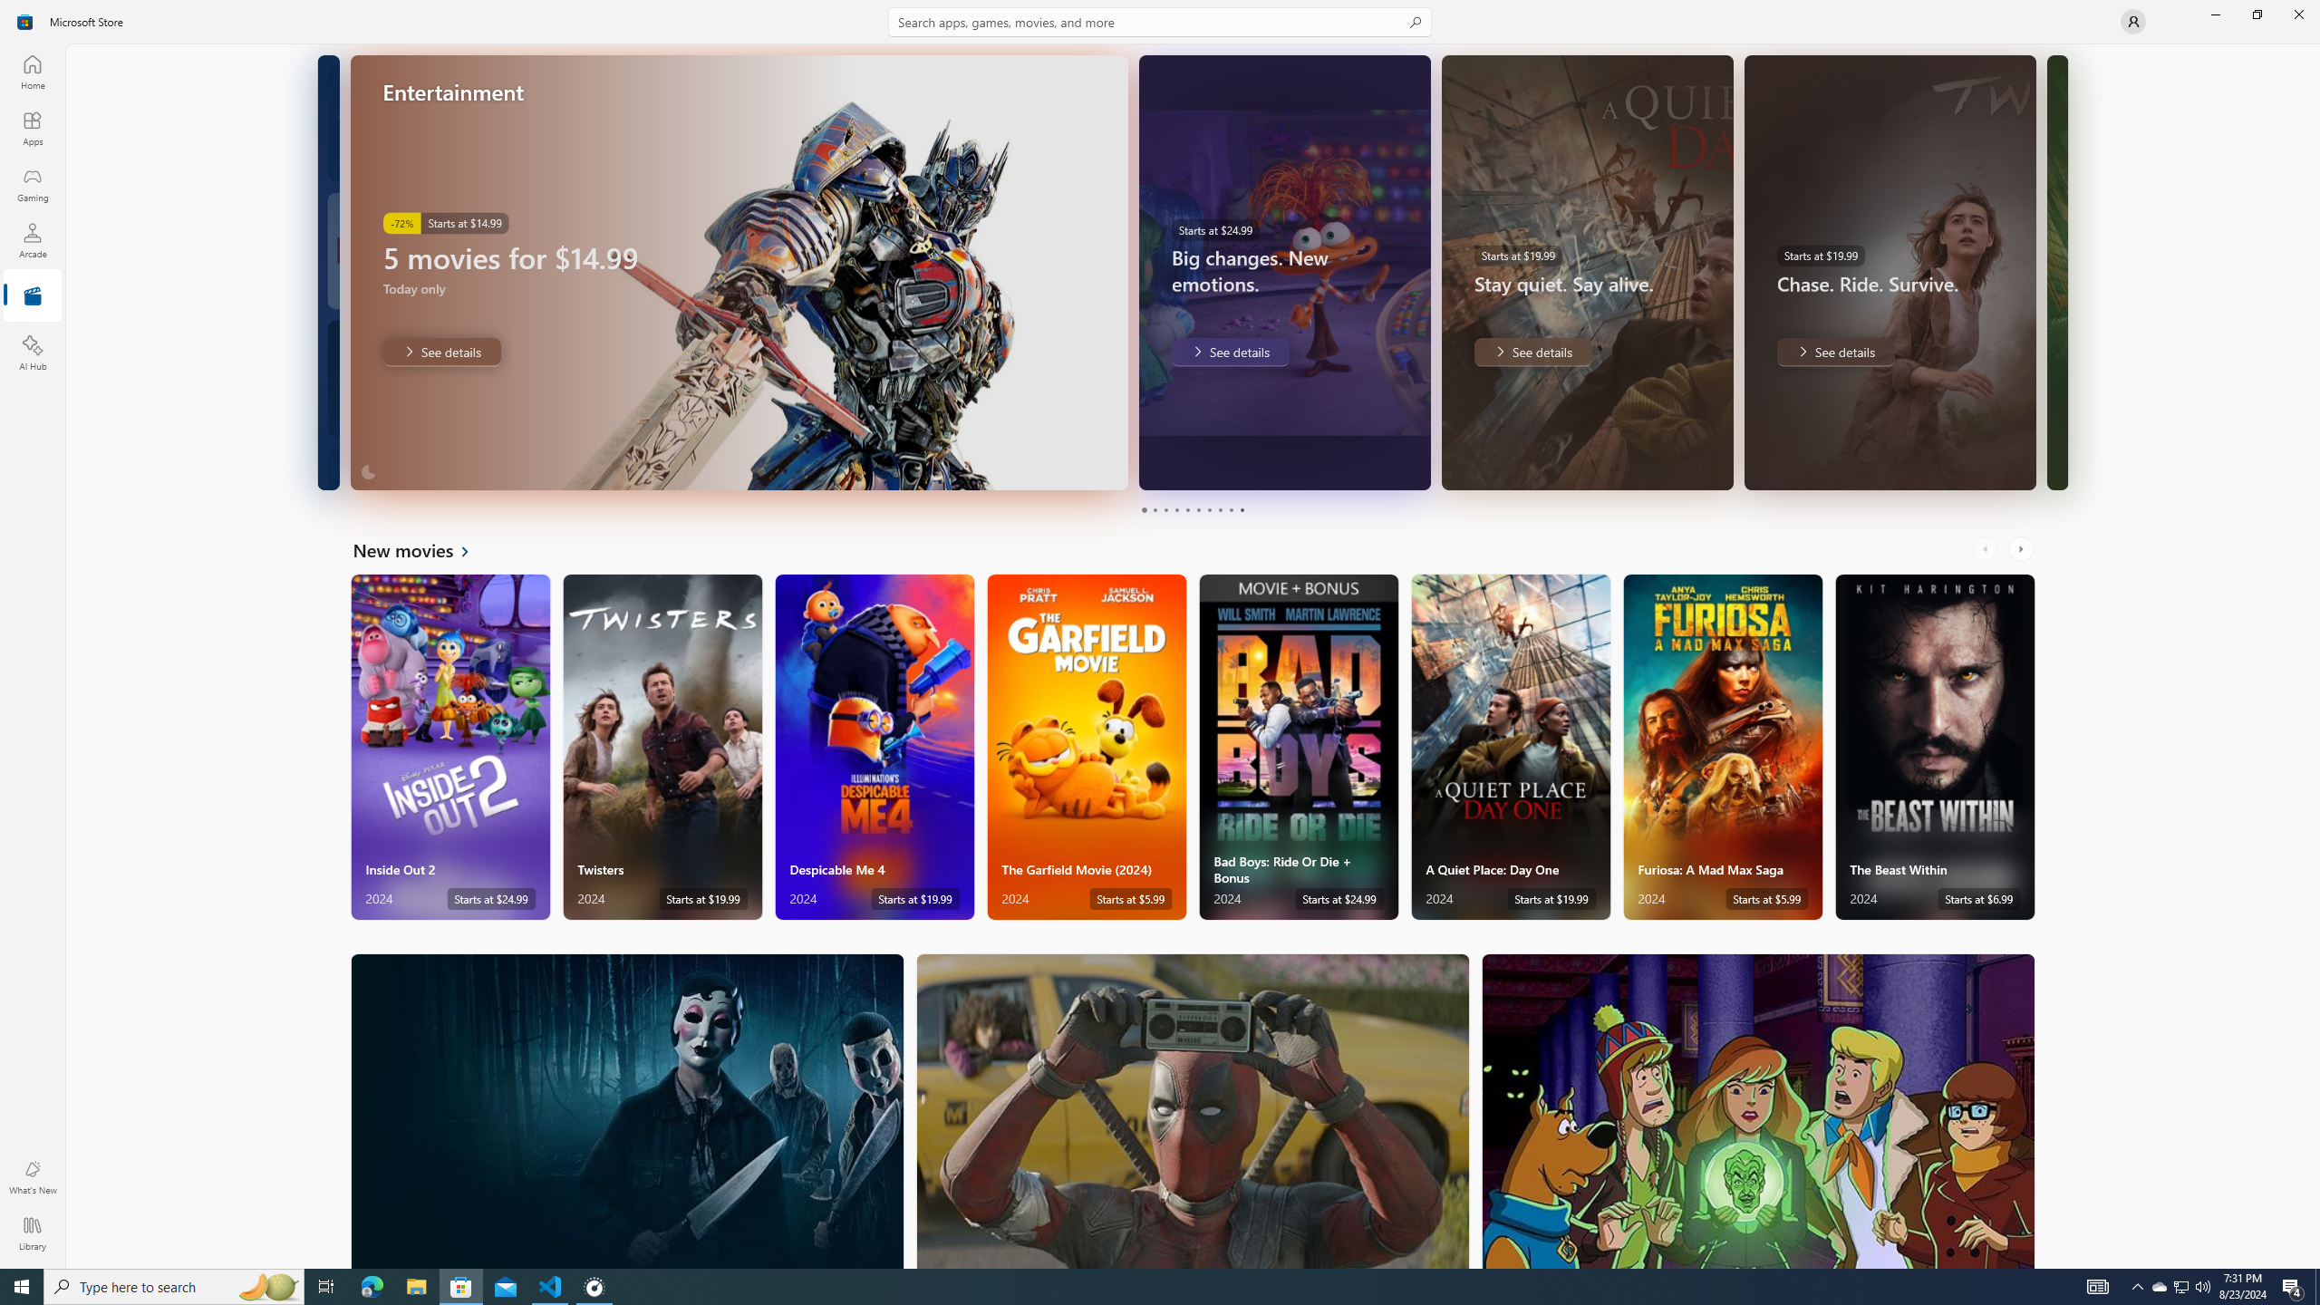 This screenshot has width=2320, height=1305. What do you see at coordinates (2022, 548) in the screenshot?
I see `'AutomationID: RightScrollButton'` at bounding box center [2022, 548].